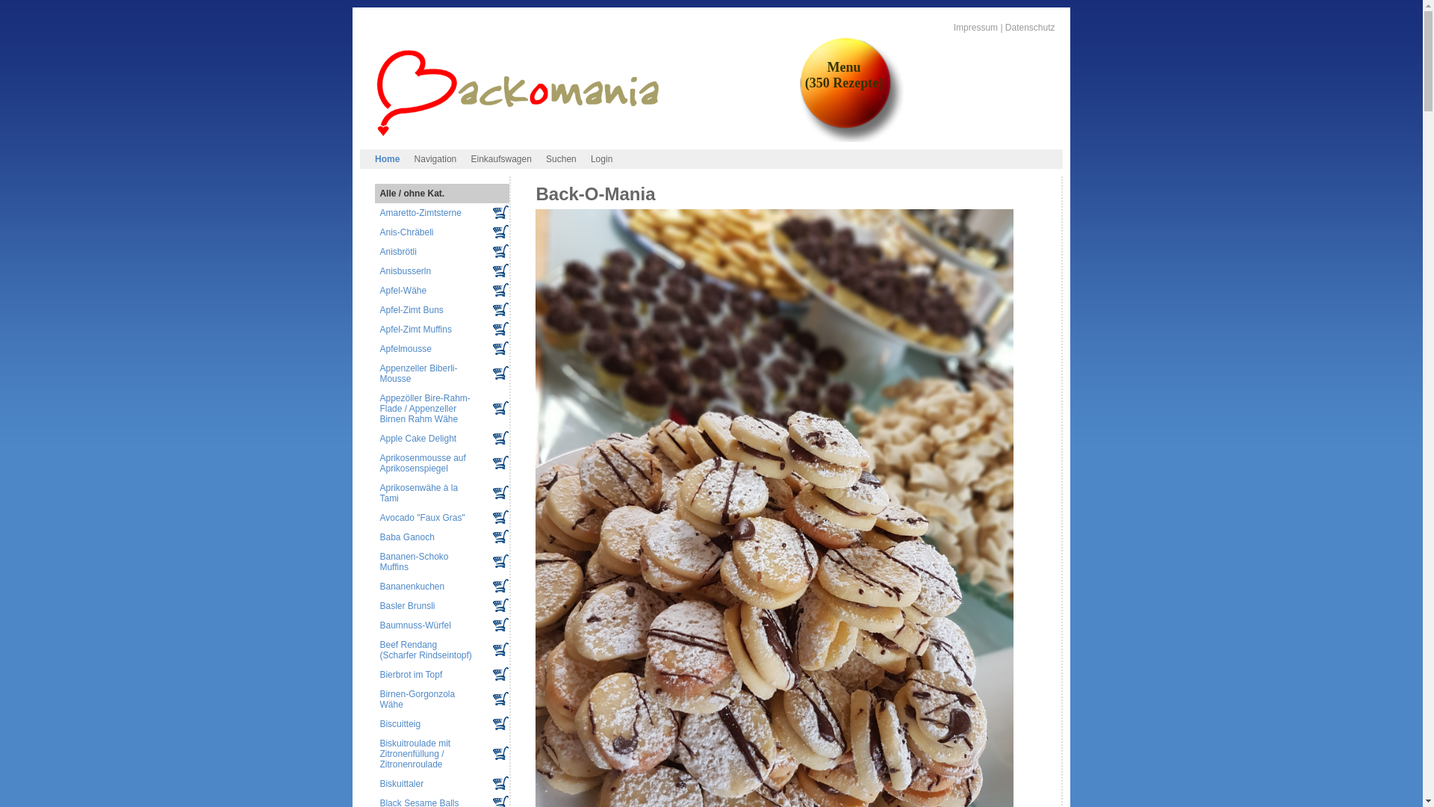  What do you see at coordinates (379, 328) in the screenshot?
I see `'Apfel-Zimt Muffins'` at bounding box center [379, 328].